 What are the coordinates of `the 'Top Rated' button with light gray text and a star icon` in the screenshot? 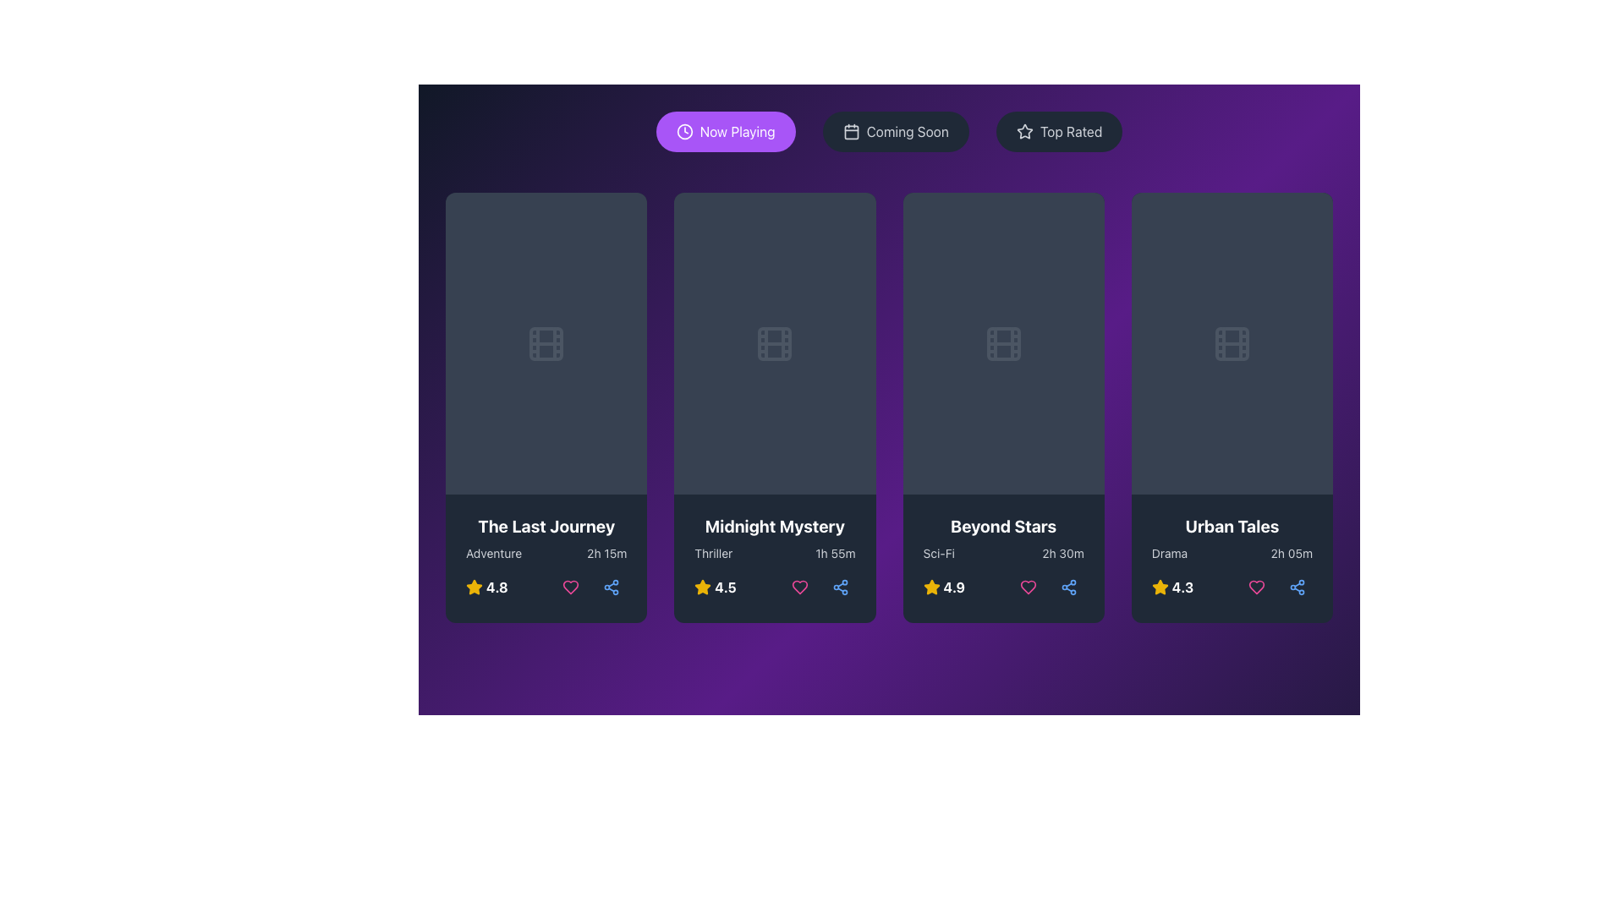 It's located at (1058, 130).